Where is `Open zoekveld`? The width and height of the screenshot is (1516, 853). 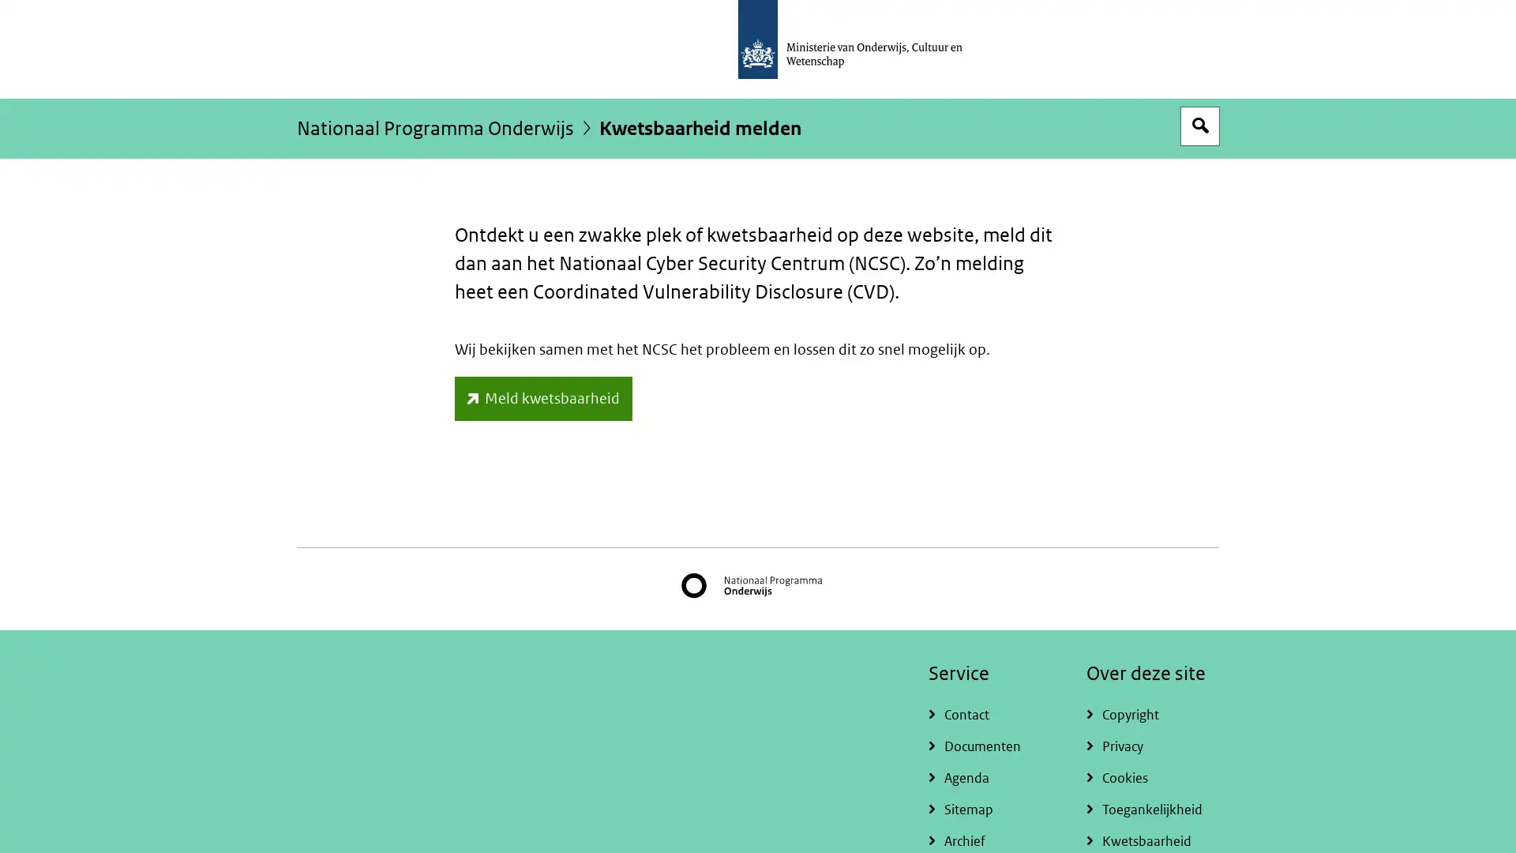
Open zoekveld is located at coordinates (1200, 125).